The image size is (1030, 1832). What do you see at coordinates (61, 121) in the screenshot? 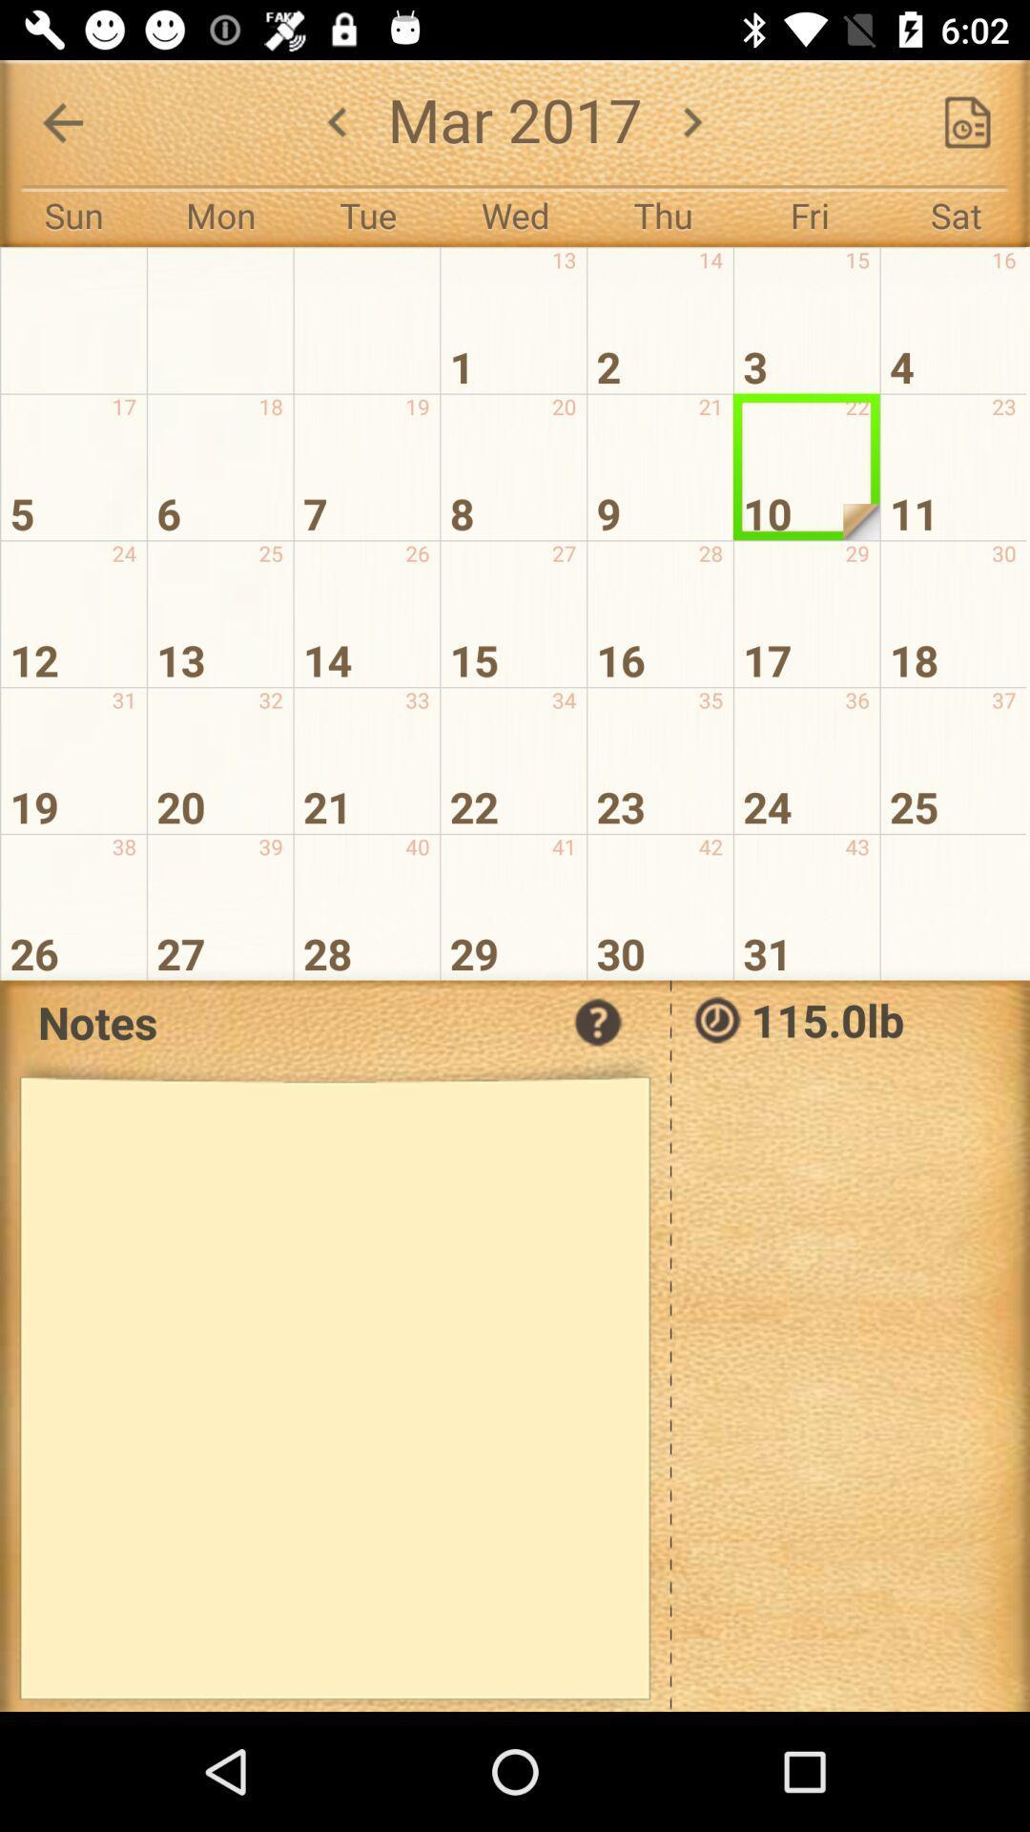
I see `the arrow_backward icon` at bounding box center [61, 121].